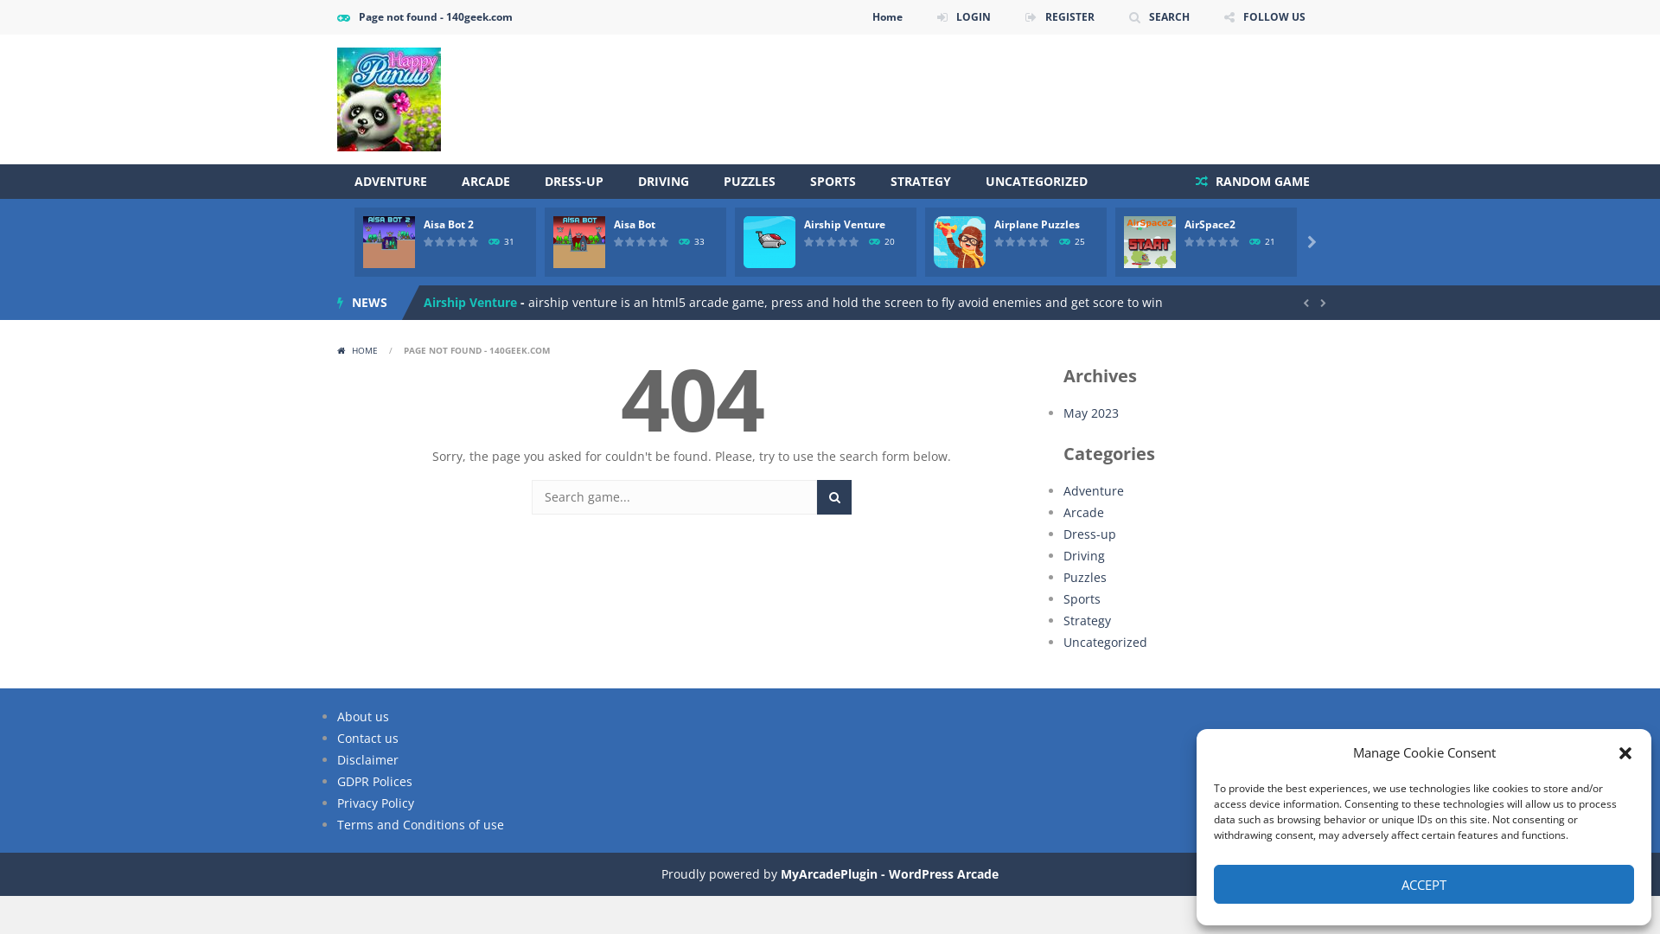 The height and width of the screenshot is (934, 1660). I want to click on 'Arcade', so click(1062, 511).